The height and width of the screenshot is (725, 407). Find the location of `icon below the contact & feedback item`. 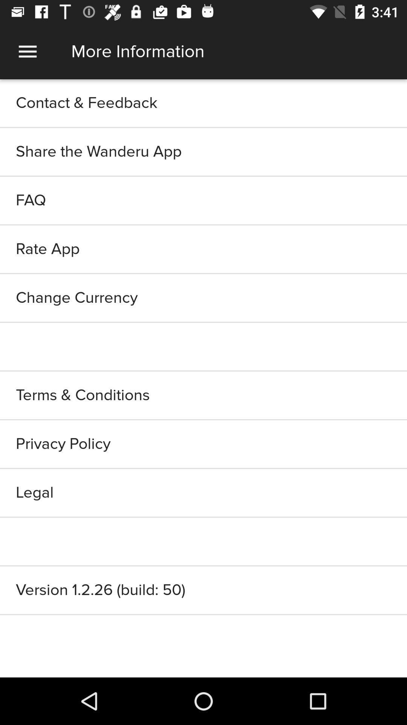

icon below the contact & feedback item is located at coordinates (203, 151).